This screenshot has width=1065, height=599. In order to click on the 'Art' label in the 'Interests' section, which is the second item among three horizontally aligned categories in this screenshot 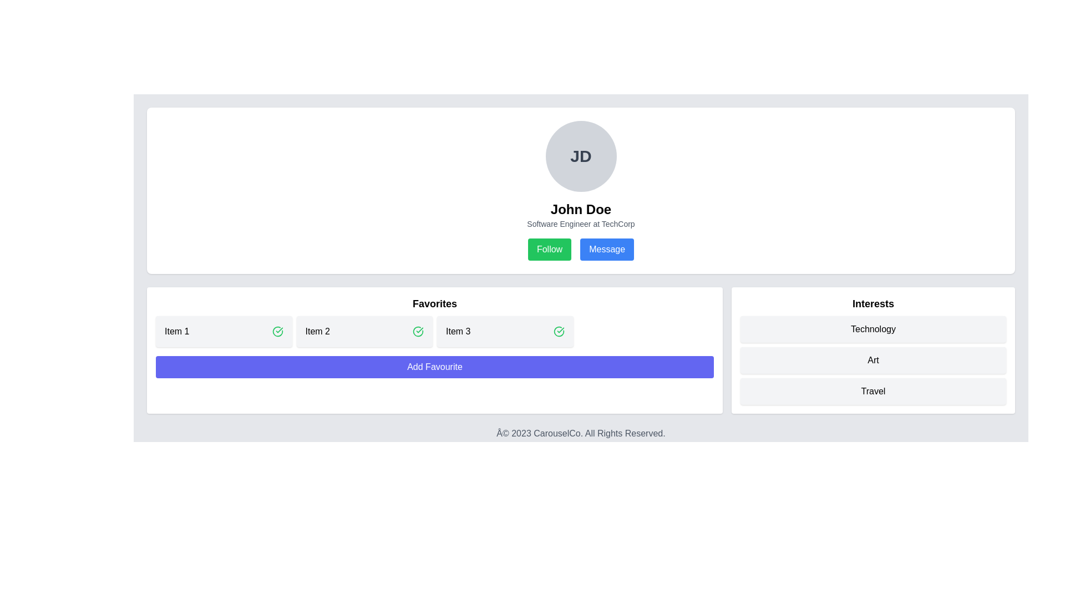, I will do `click(873, 361)`.